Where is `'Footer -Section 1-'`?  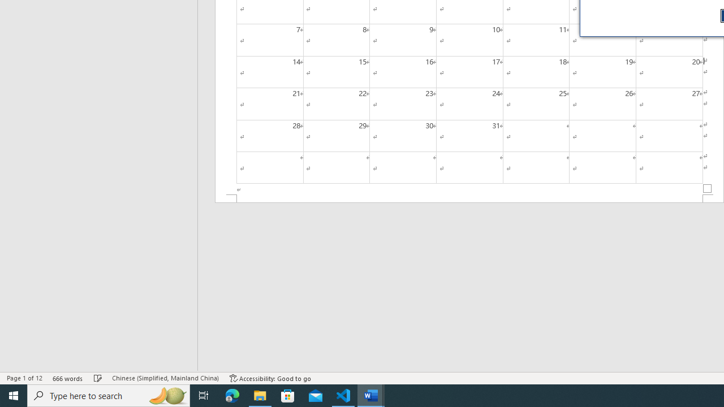
'Footer -Section 1-' is located at coordinates (469, 198).